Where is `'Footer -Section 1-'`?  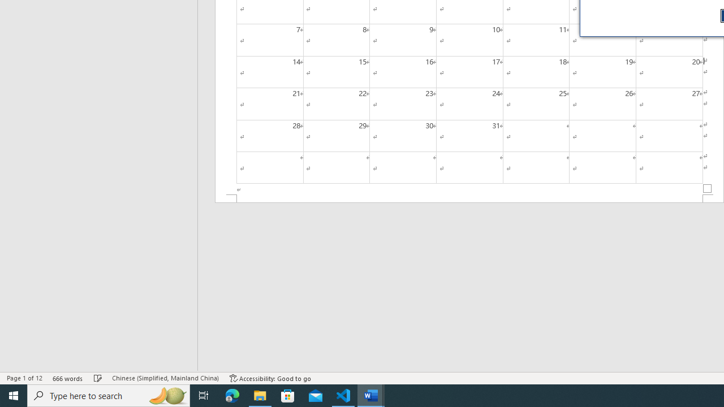
'Footer -Section 1-' is located at coordinates (469, 198).